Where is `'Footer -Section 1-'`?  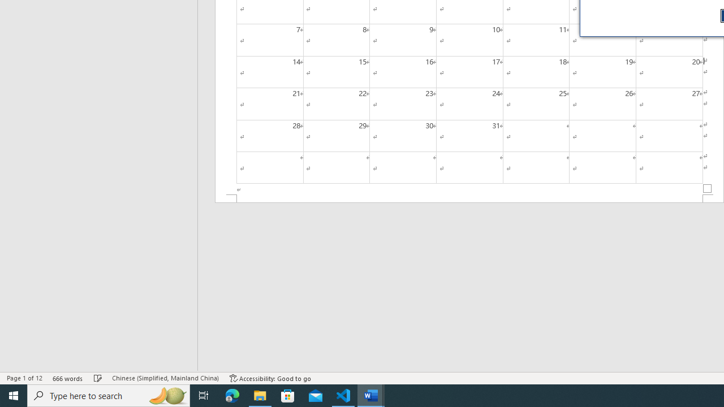
'Footer -Section 1-' is located at coordinates (469, 198).